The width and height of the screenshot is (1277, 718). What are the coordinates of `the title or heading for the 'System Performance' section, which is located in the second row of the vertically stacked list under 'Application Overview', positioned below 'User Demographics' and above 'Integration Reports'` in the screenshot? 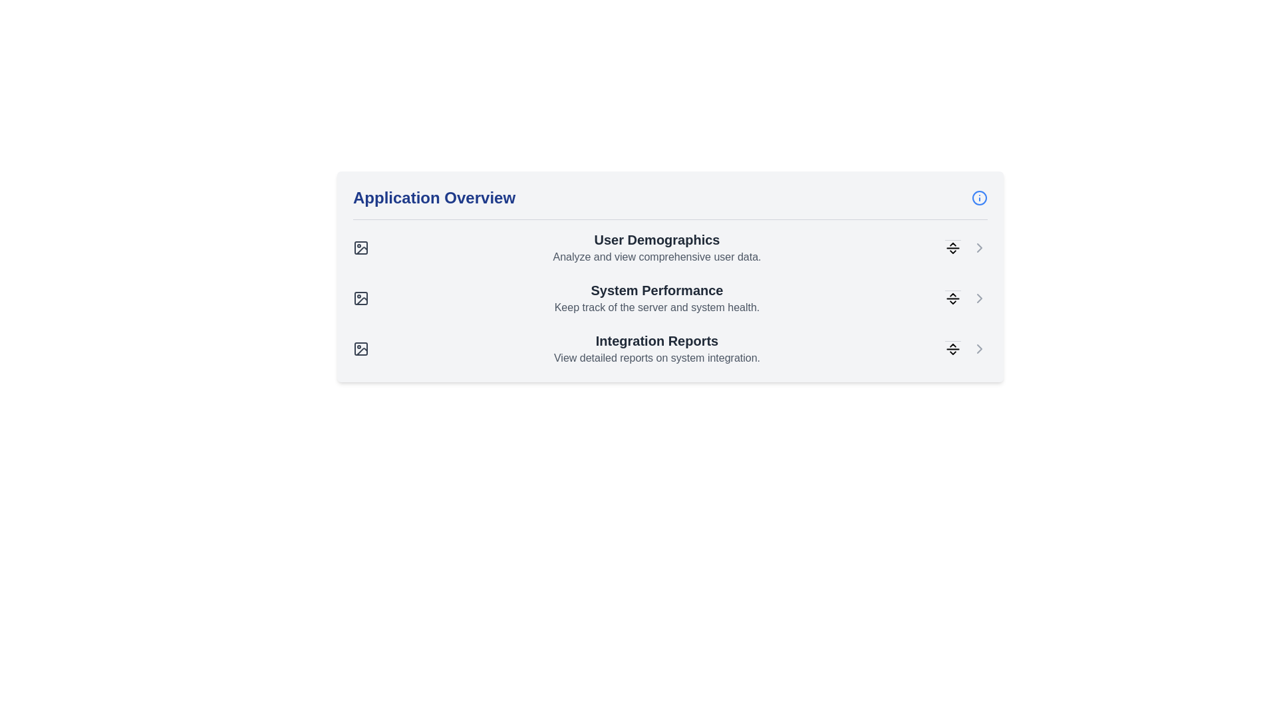 It's located at (657, 289).